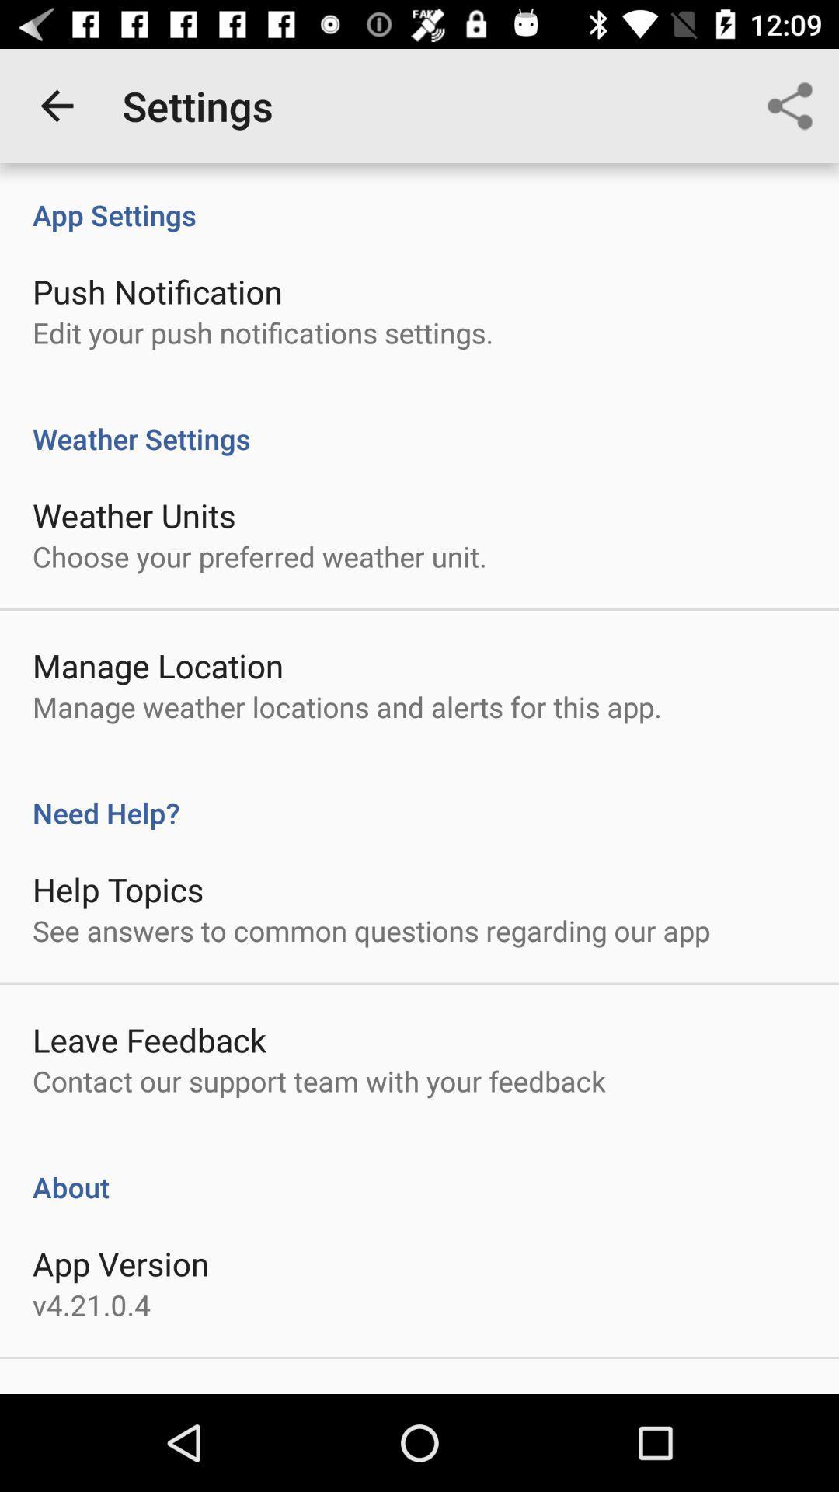  Describe the element at coordinates (157, 291) in the screenshot. I see `push notification item` at that location.